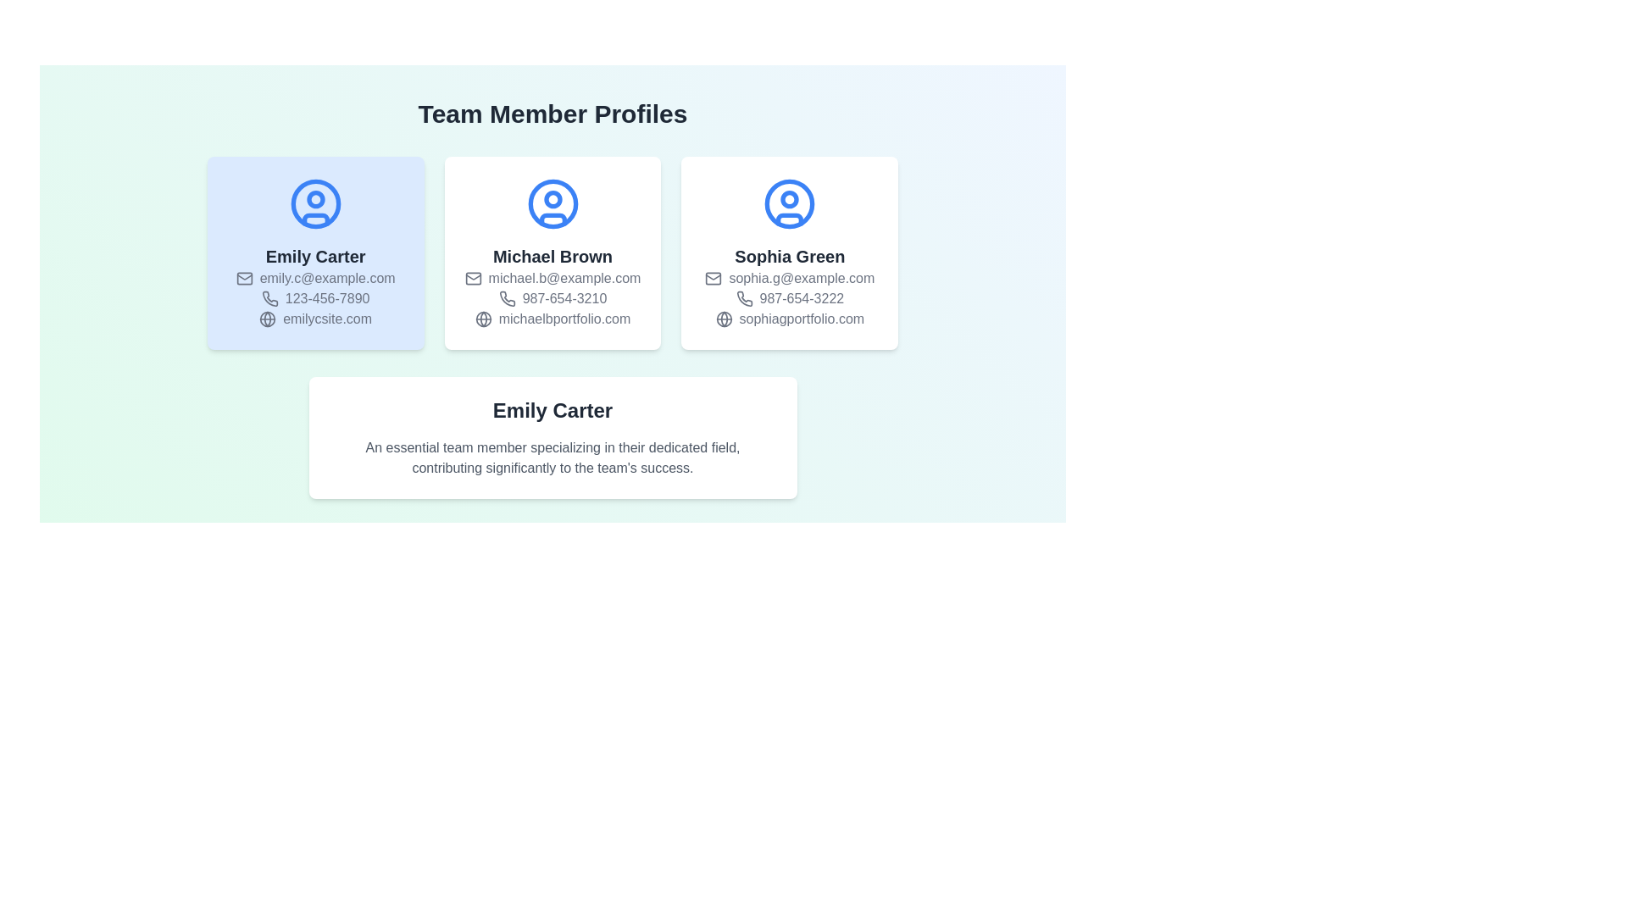  Describe the element at coordinates (553, 298) in the screenshot. I see `the phone number element with an adjacent phone icon associated with 'Michael Brown', which is located in the middle section of the profile card` at that location.